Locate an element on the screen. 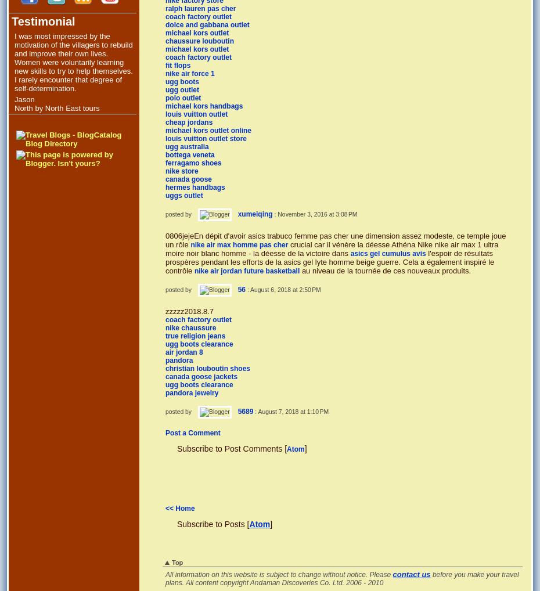 This screenshot has height=591, width=540. 'asics gel cumulus avis' is located at coordinates (387, 253).